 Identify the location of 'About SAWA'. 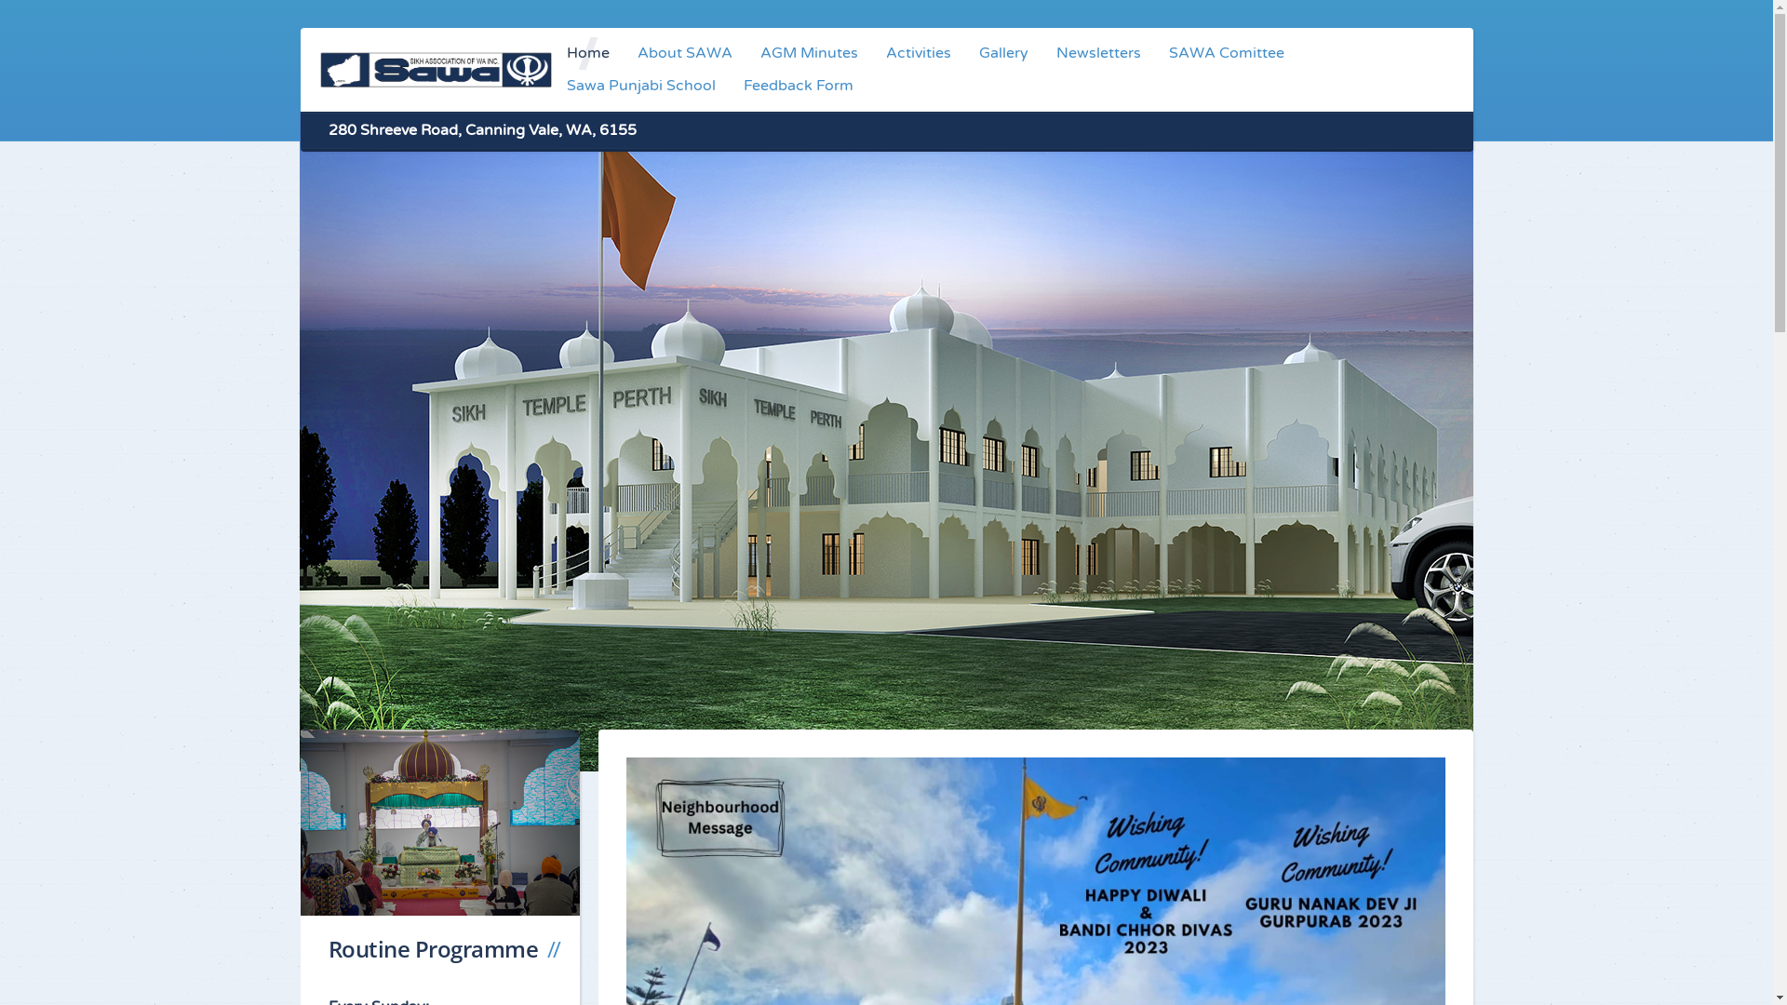
(624, 52).